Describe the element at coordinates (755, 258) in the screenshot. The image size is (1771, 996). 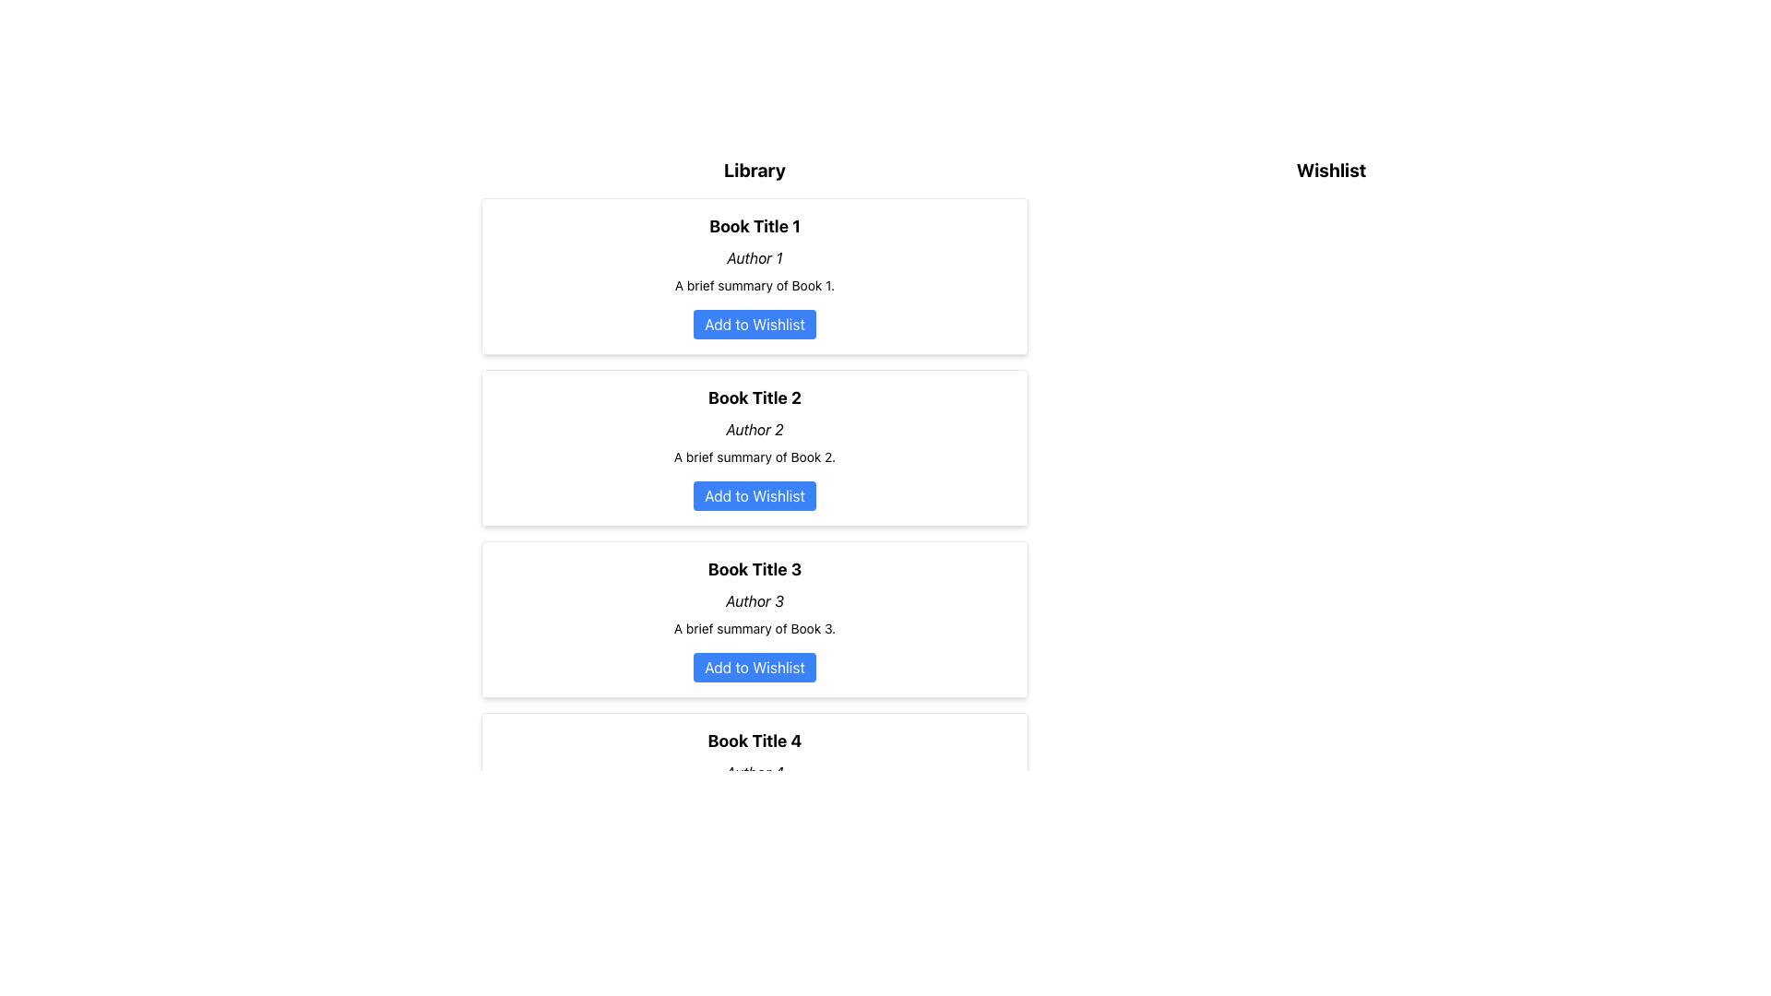
I see `the Text Label that provides information about the author of 'Book Title 1', located between the title and the summary in the first card section` at that location.